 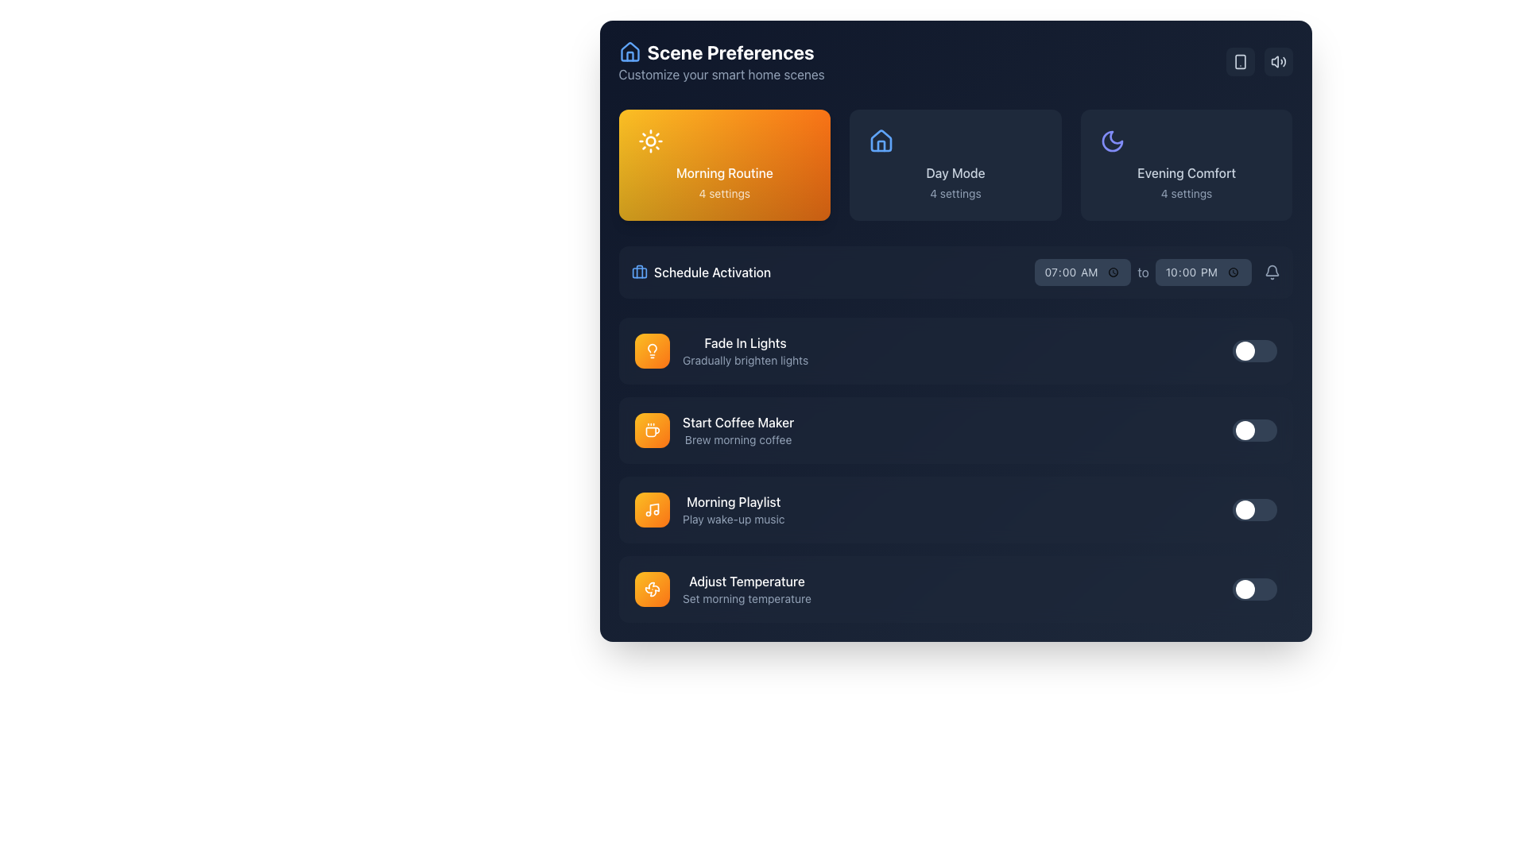 I want to click on the 'Day Mode' button, which is the second tile in the 'Scene Preferences' section, featuring a house icon and the text 'Day Mode' with '4 settings' below it, so click(x=955, y=165).